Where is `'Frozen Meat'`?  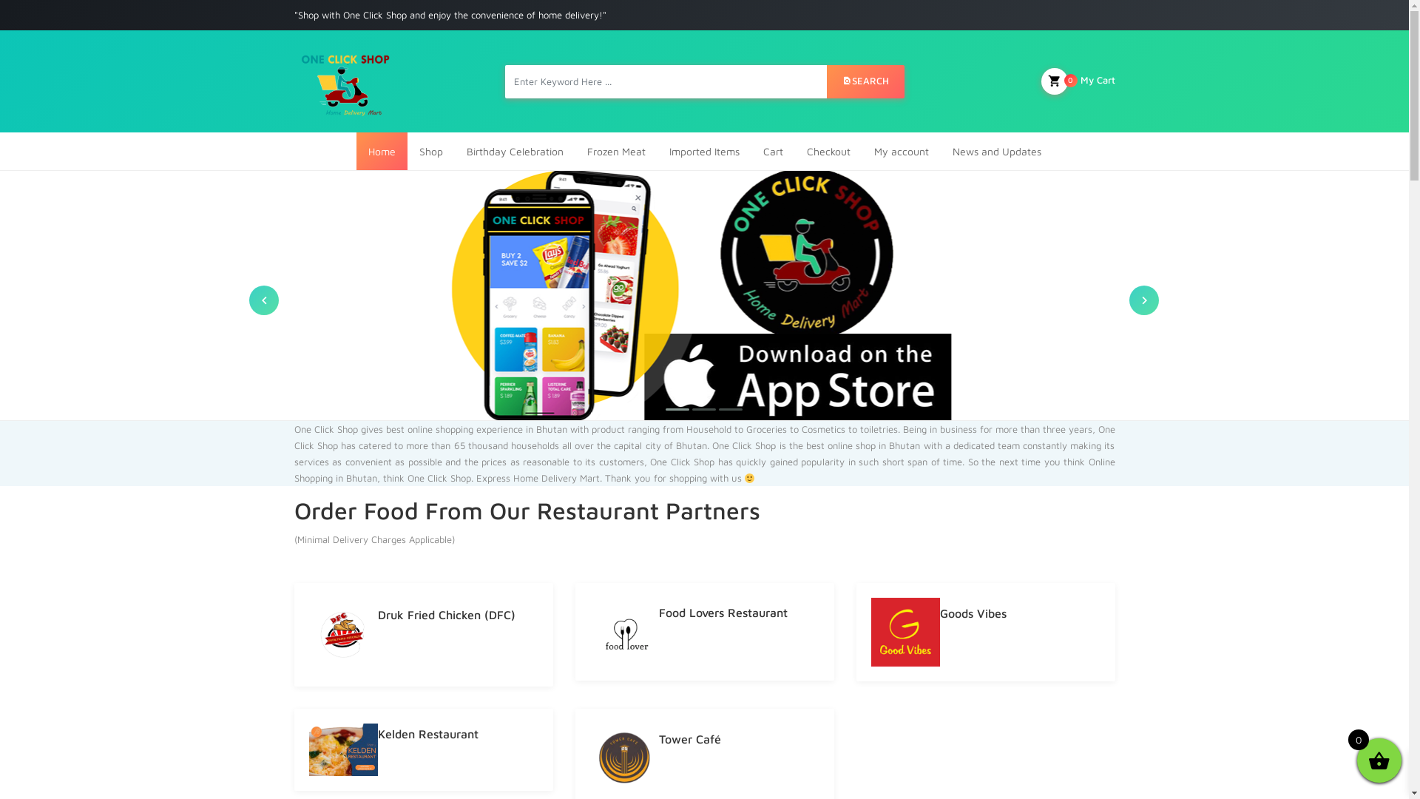
'Frozen Meat' is located at coordinates (616, 151).